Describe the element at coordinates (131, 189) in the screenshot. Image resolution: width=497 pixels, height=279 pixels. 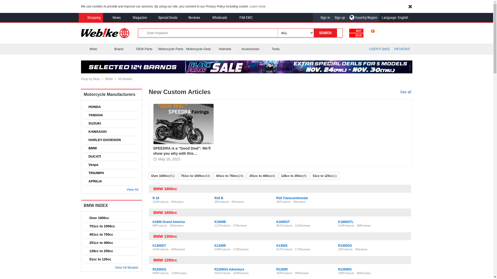
I see `'View All'` at that location.